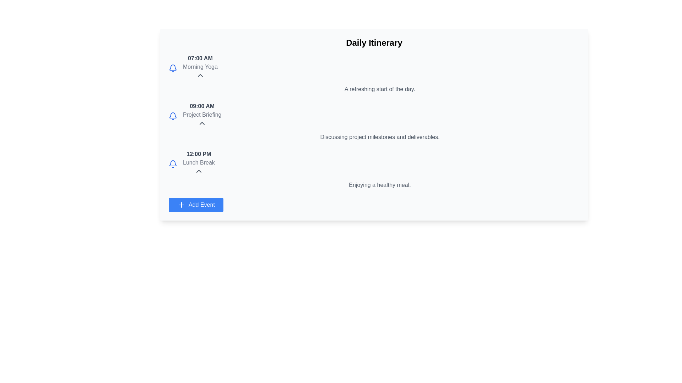 This screenshot has height=383, width=682. Describe the element at coordinates (199, 154) in the screenshot. I see `the 'Lunch Break' scheduled time label in the Daily Itinerary panel, located in the third time slot of the left column` at that location.